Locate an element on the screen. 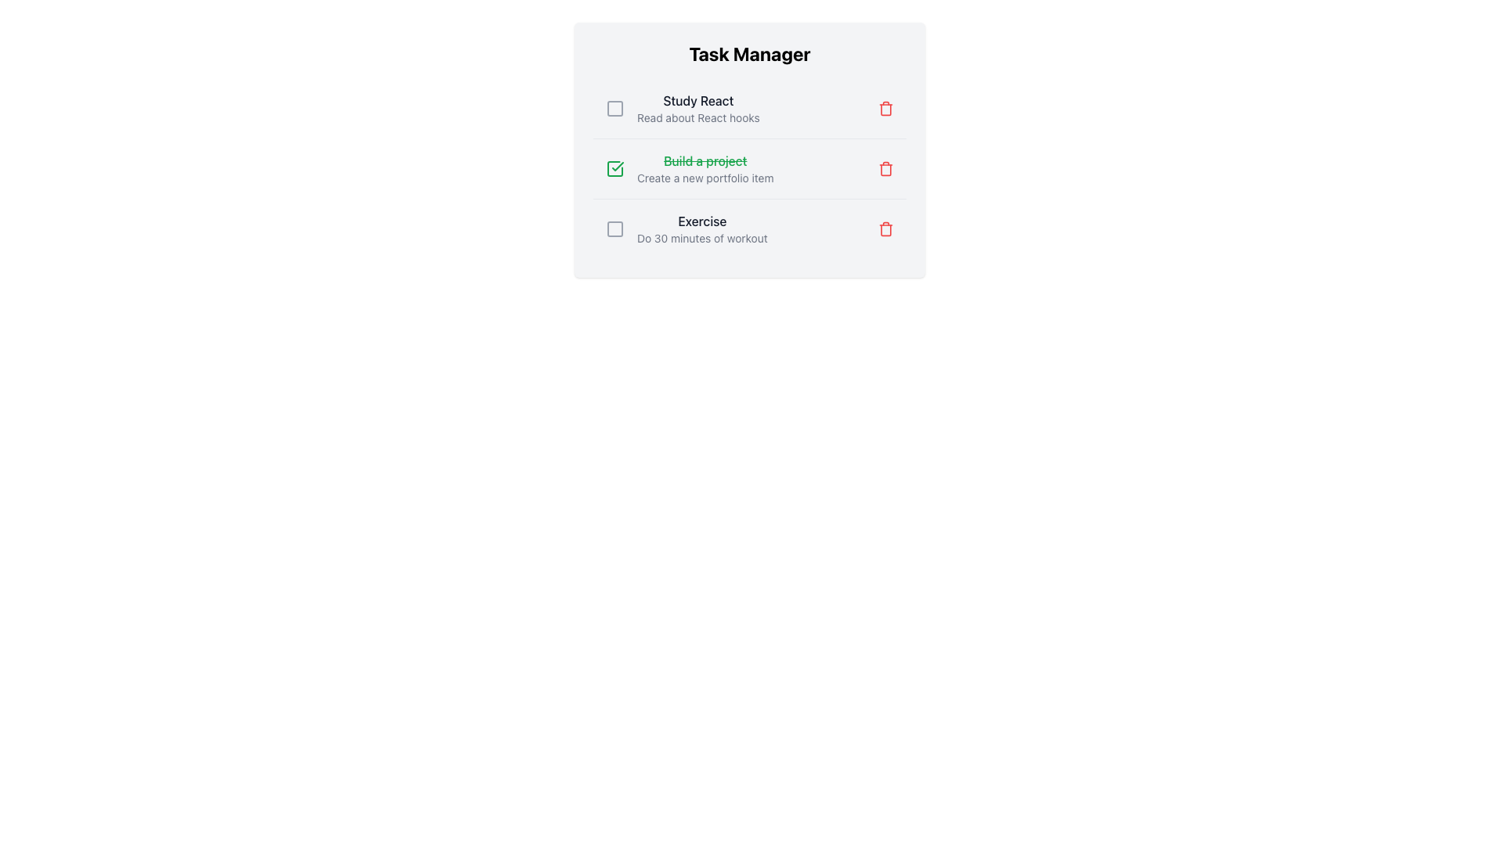 This screenshot has width=1503, height=845. the checkbox of the first task item in the to-do list under the 'Task Manager' heading to mark the task as complete is located at coordinates (749, 107).